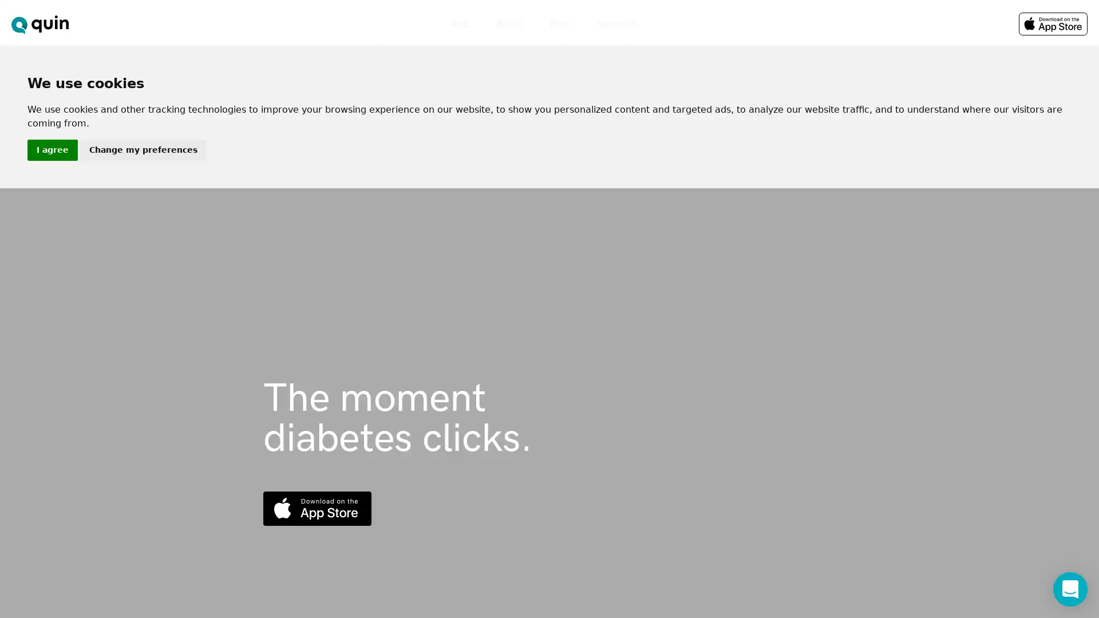  I want to click on I agree, so click(52, 149).